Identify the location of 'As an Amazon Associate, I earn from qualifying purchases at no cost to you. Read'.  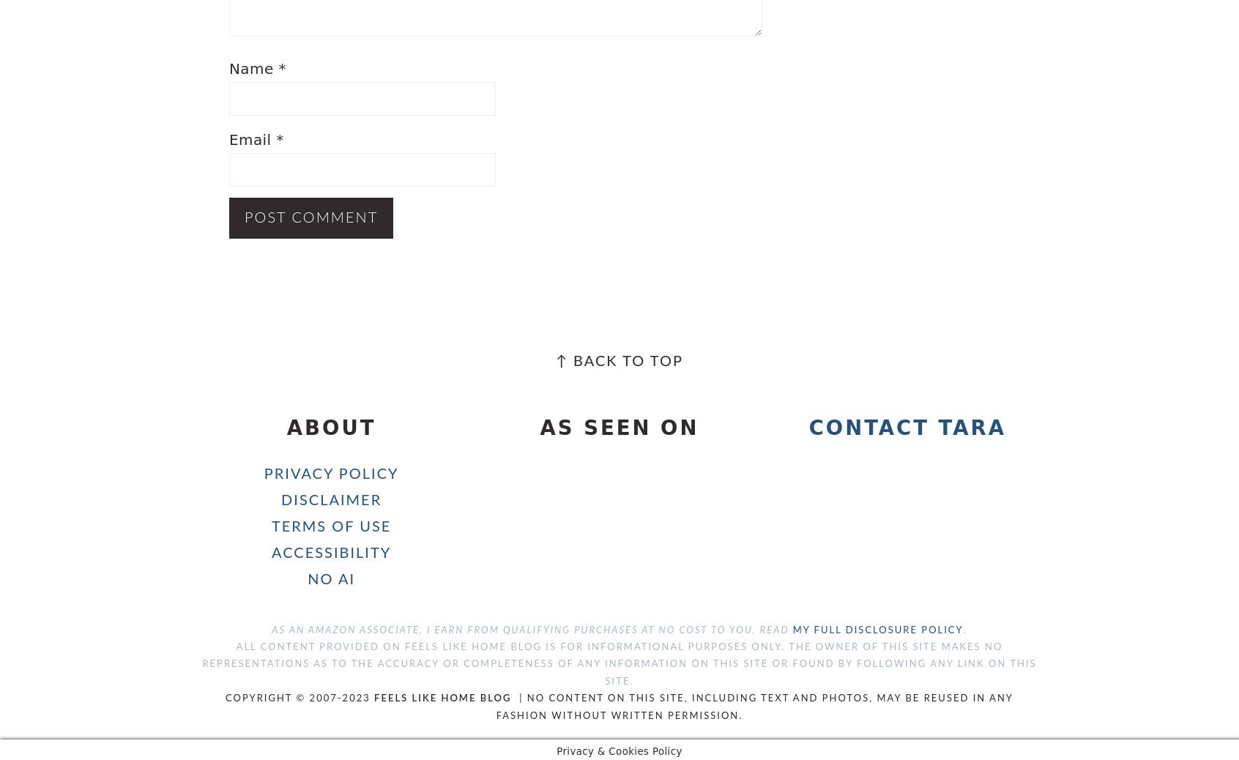
(531, 630).